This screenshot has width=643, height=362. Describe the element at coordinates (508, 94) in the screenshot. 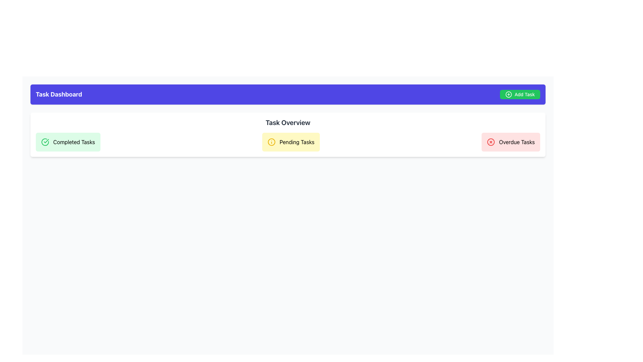

I see `the outer circular component of the plus icon within the green 'Add Task' button located in the top-right corner of the interface` at that location.